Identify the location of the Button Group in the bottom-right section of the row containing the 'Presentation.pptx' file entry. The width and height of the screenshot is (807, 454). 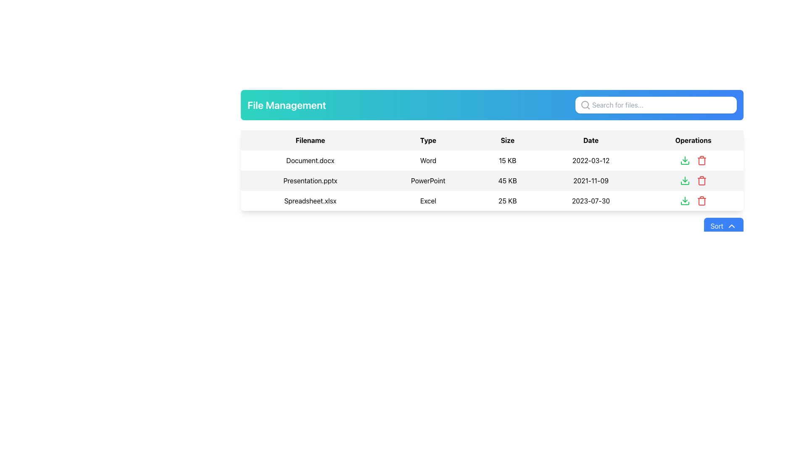
(693, 180).